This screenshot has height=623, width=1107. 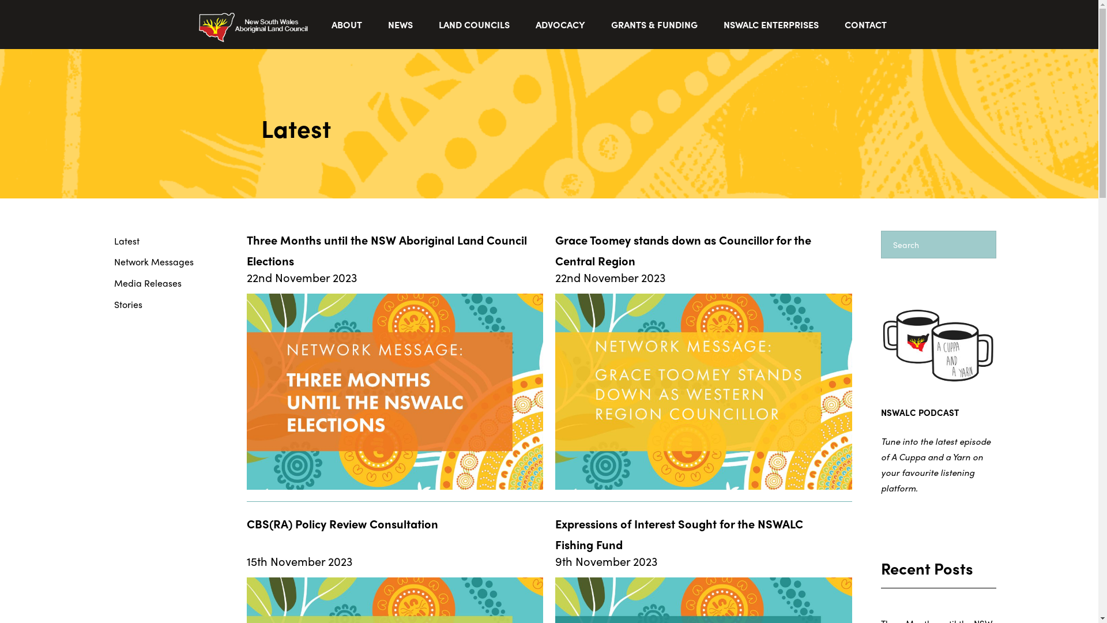 I want to click on 'NEWS', so click(x=401, y=24).